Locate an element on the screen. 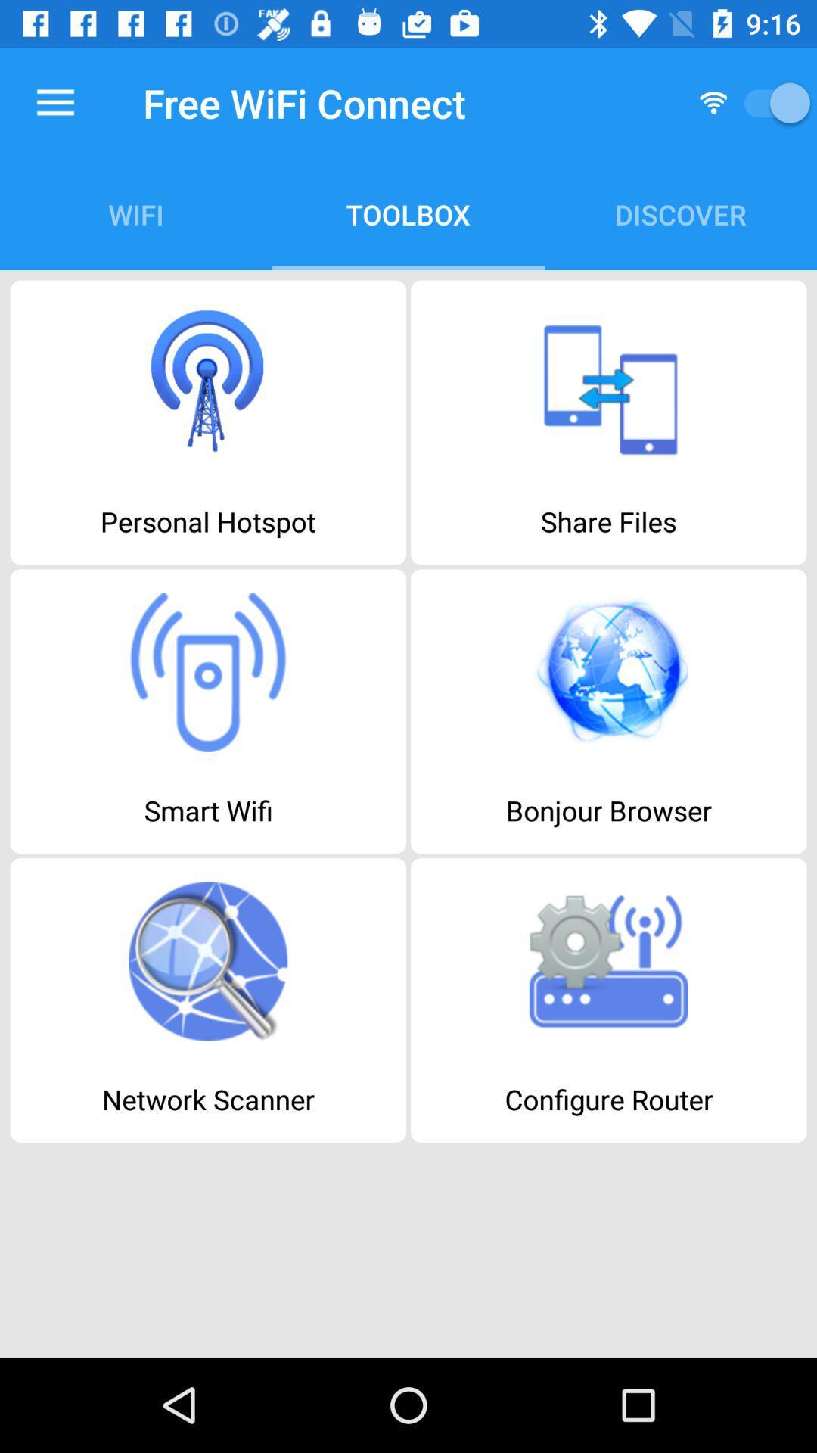 The image size is (817, 1453). switch on/off wifi is located at coordinates (772, 102).